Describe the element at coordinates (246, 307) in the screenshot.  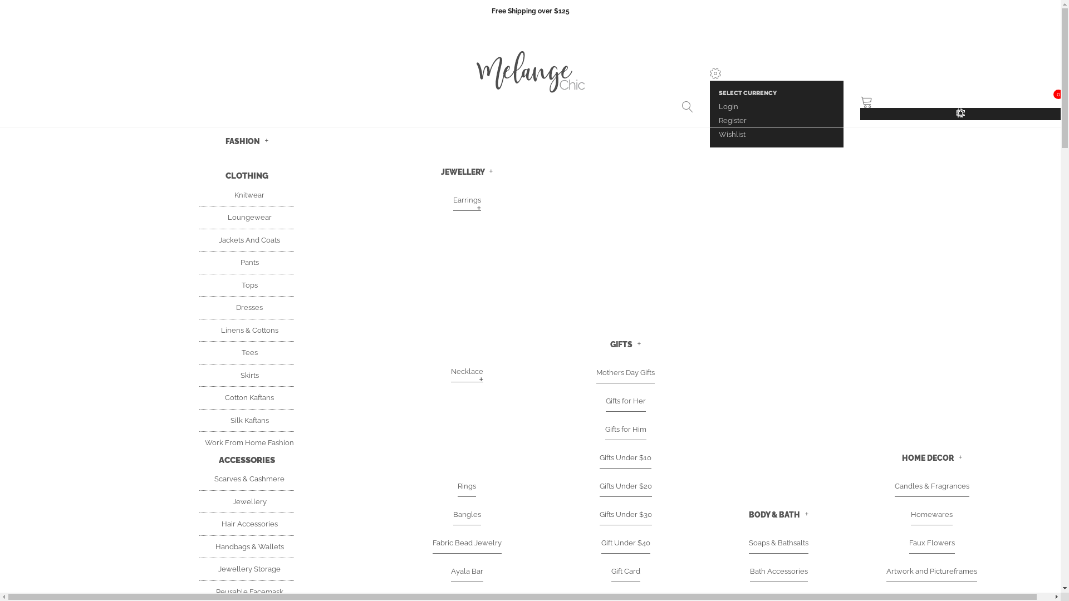
I see `'Dresses'` at that location.